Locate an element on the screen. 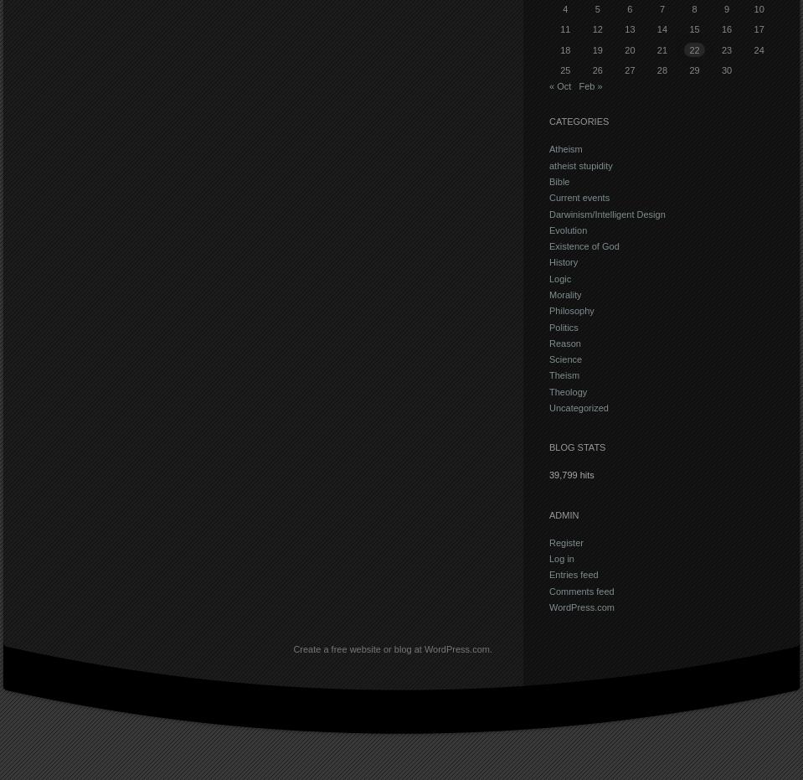 Image resolution: width=803 pixels, height=780 pixels. '18' is located at coordinates (565, 49).